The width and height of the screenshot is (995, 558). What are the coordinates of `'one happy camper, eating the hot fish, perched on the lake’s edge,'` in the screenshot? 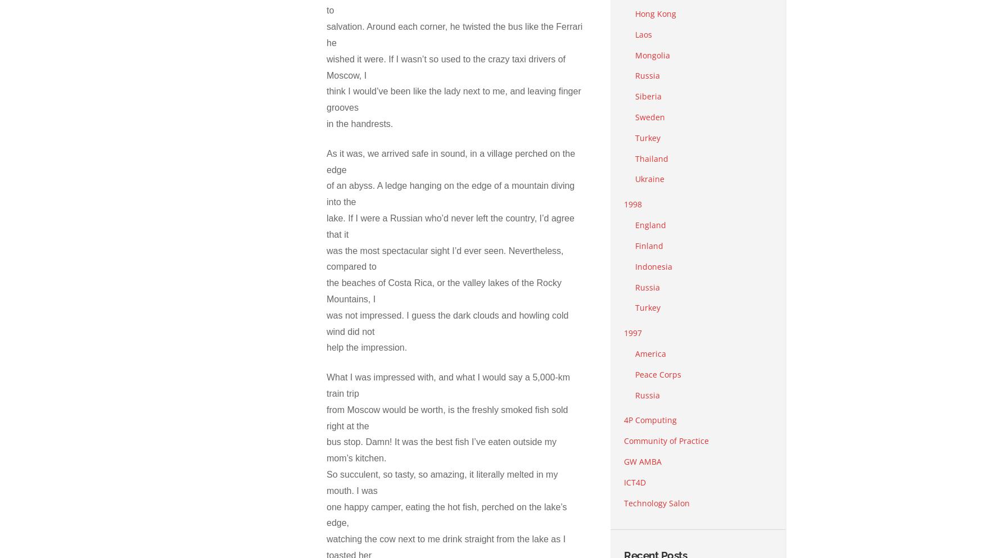 It's located at (446, 515).